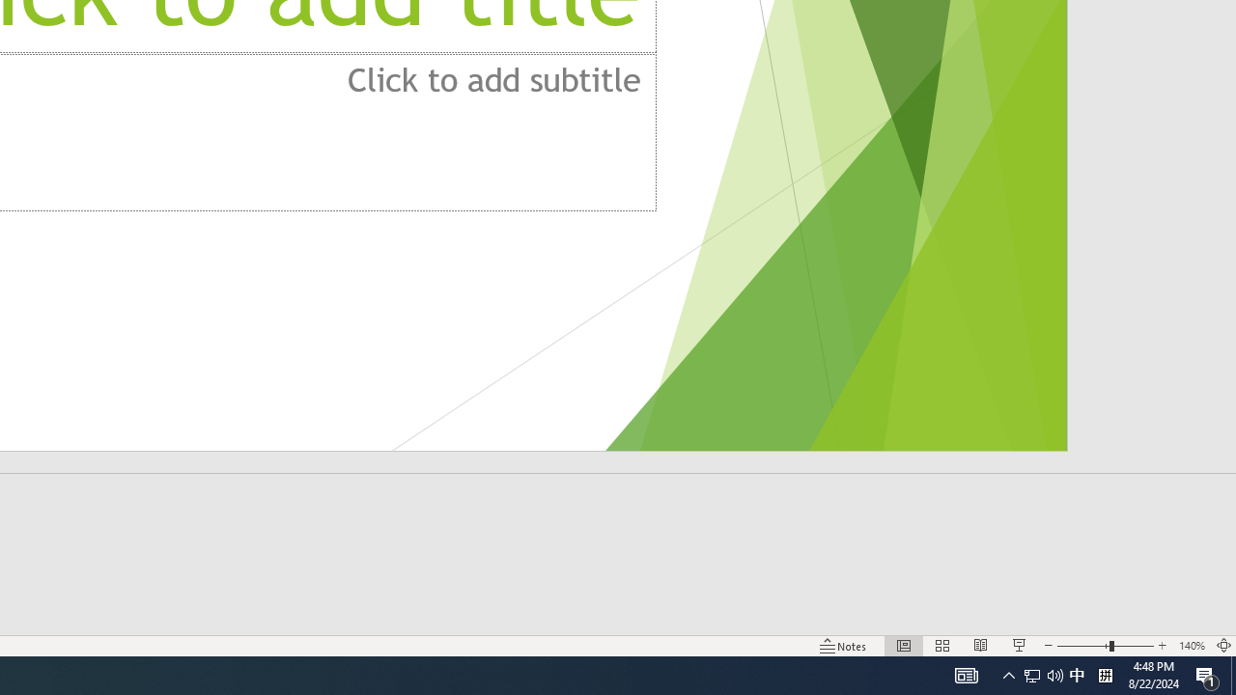 This screenshot has height=695, width=1236. What do you see at coordinates (903, 646) in the screenshot?
I see `'Normal'` at bounding box center [903, 646].